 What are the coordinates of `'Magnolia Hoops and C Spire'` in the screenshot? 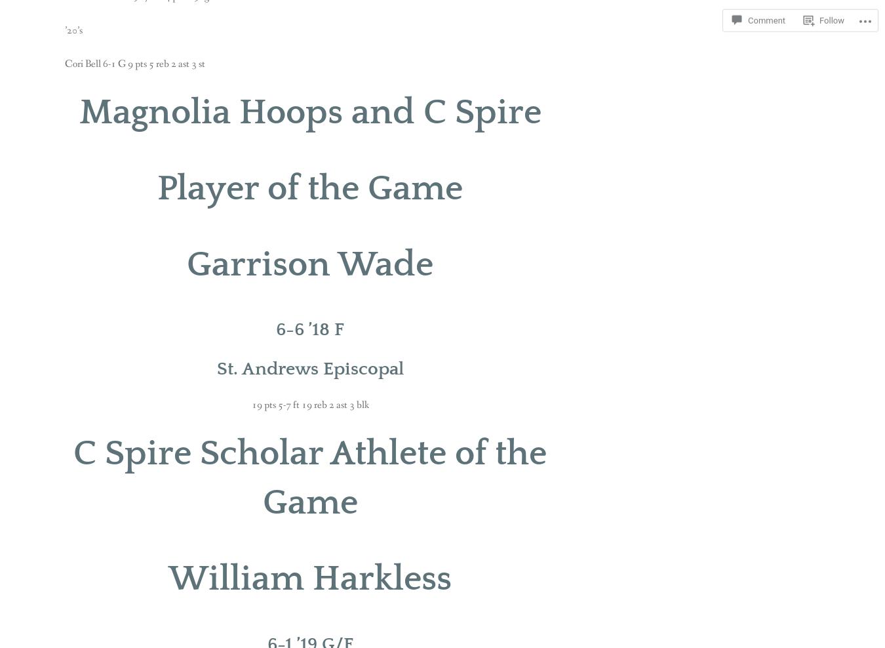 It's located at (309, 111).